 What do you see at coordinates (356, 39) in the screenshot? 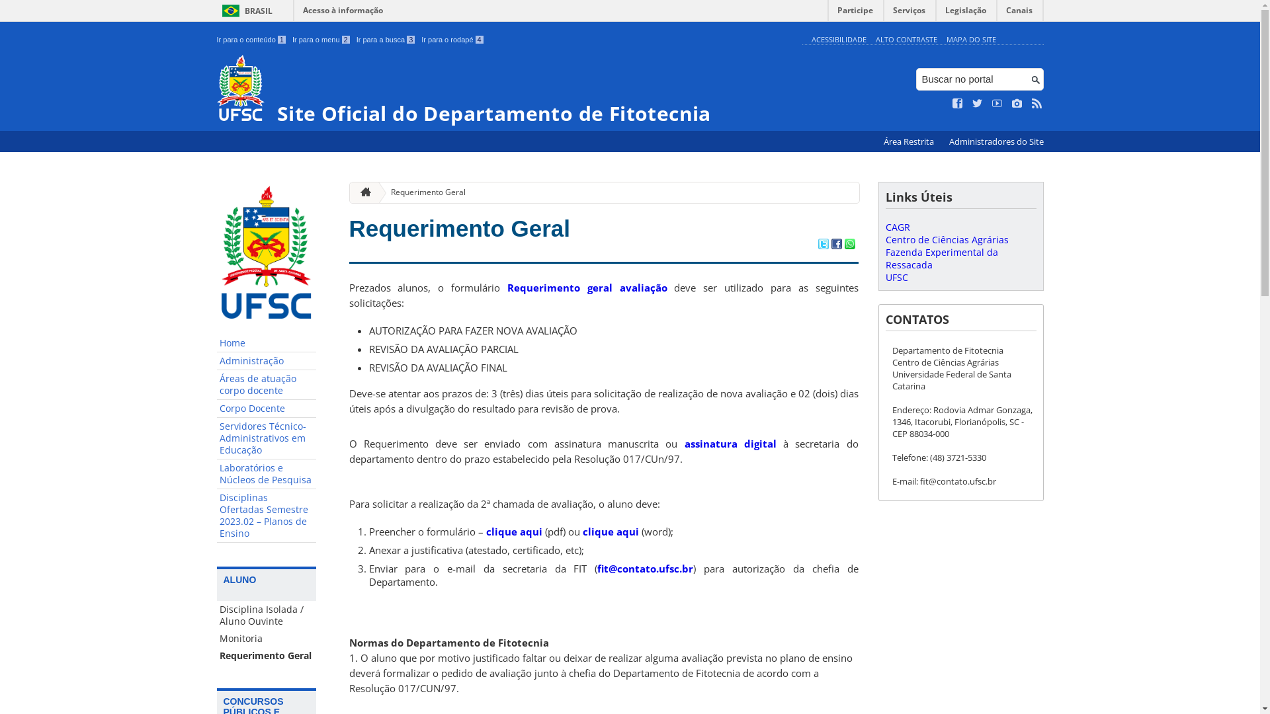
I see `'Ir para a busca 3'` at bounding box center [356, 39].